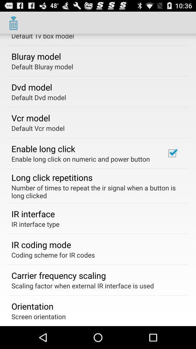 This screenshot has height=349, width=196. I want to click on the coding scheme for, so click(53, 255).